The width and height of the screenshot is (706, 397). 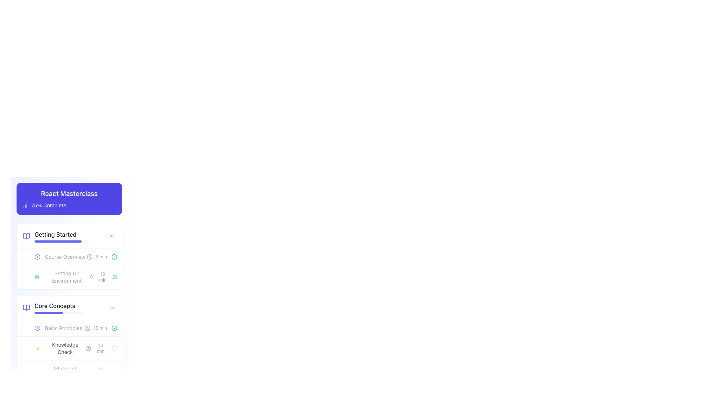 What do you see at coordinates (96, 348) in the screenshot?
I see `the label element that displays an estimated time duration for a task, located in the 'Knowledge Check' section under 'Core Concepts'` at bounding box center [96, 348].